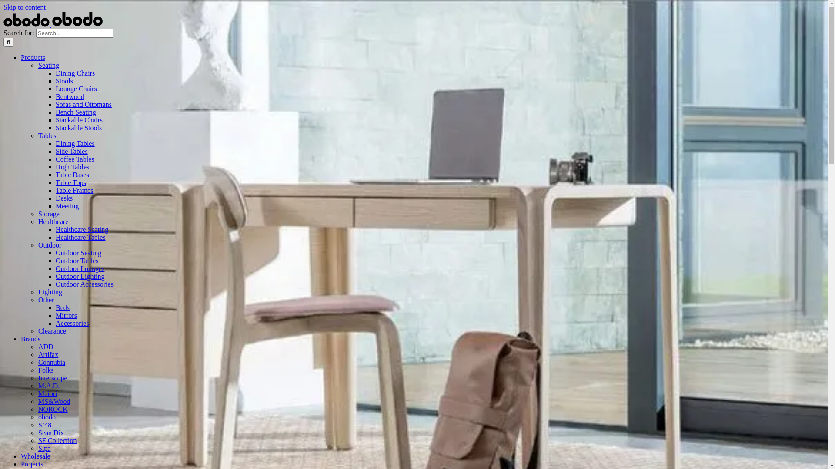 The width and height of the screenshot is (835, 469). What do you see at coordinates (76, 112) in the screenshot?
I see `'Bench Seating'` at bounding box center [76, 112].